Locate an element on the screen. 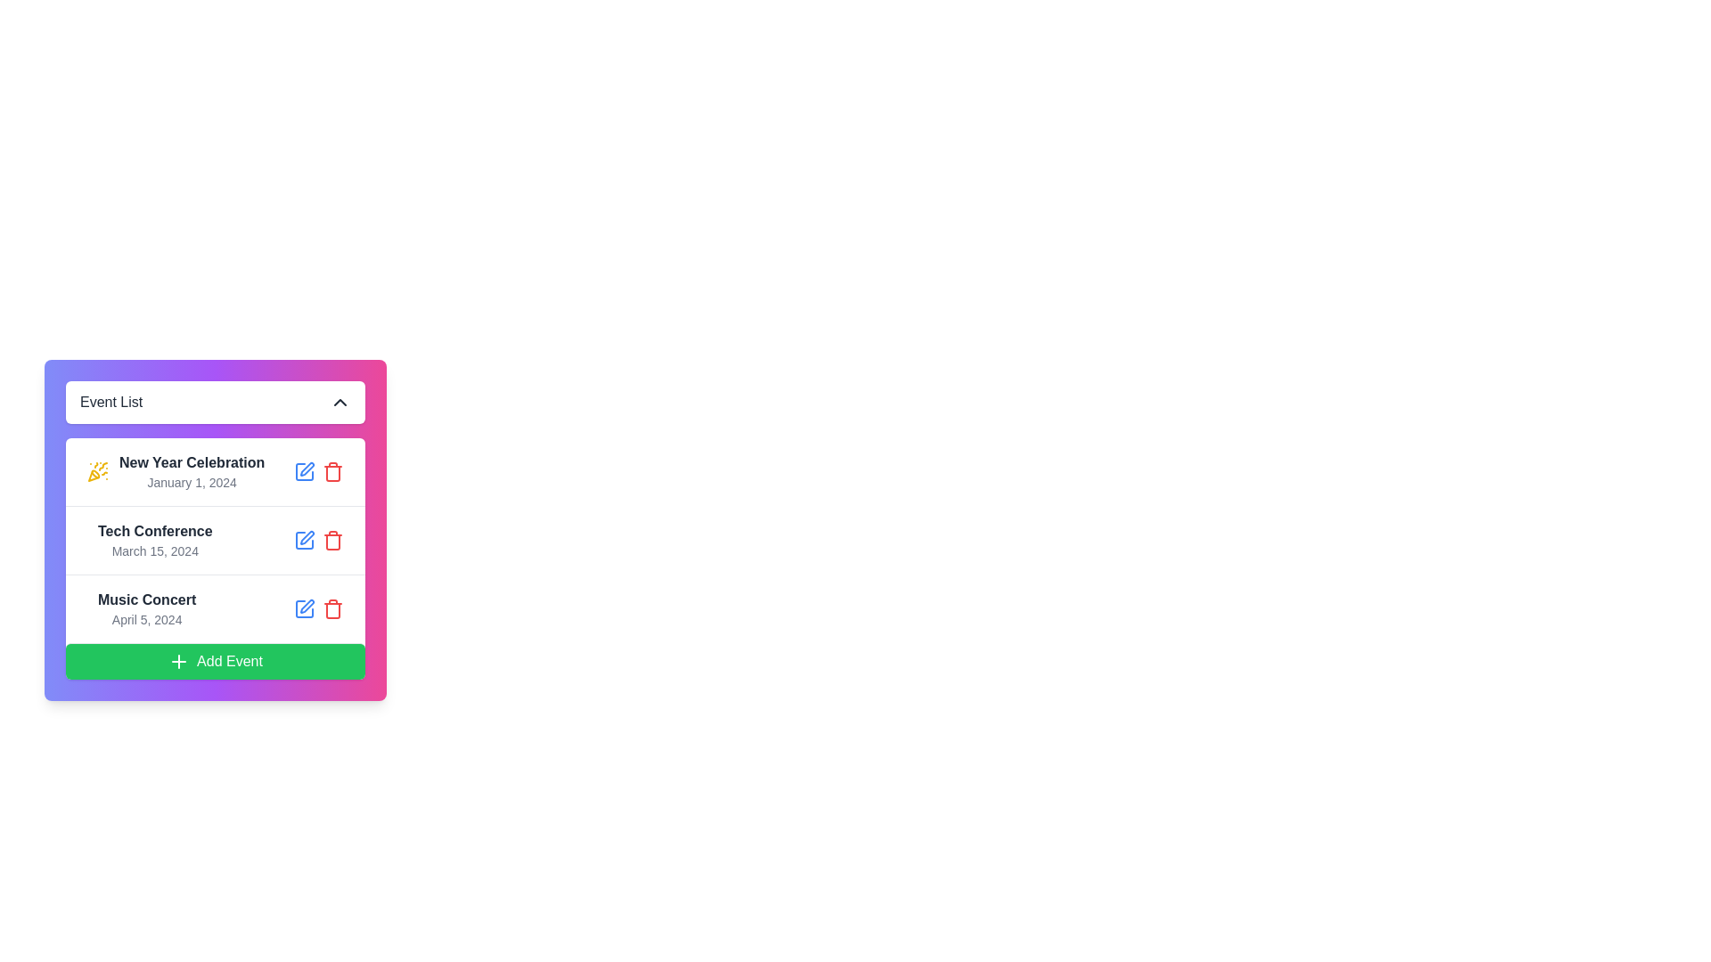  on the 'New Year Celebration' Text and Icon Display Block, which features bold text and a party popper icon is located at coordinates (176, 470).